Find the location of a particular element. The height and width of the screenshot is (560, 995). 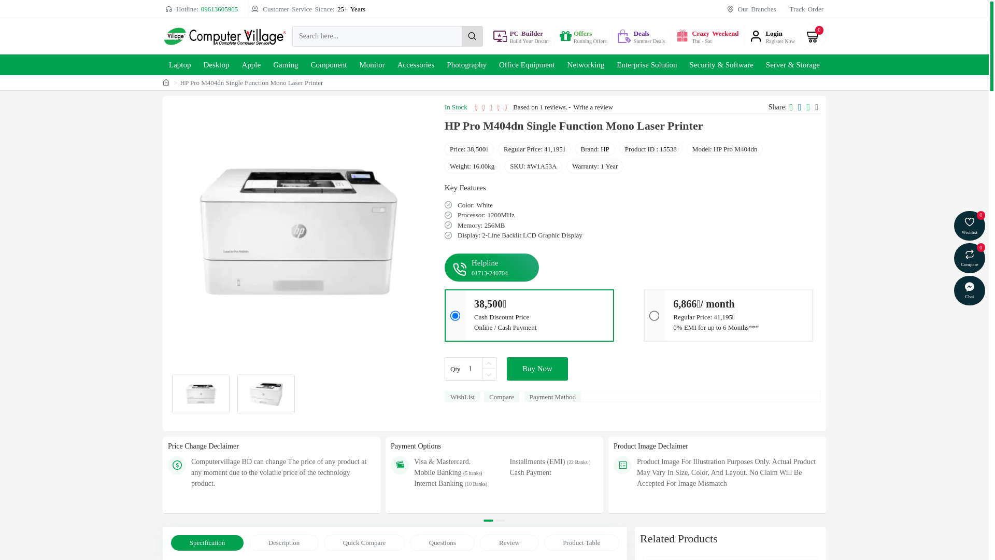

'Questions' is located at coordinates (442, 542).